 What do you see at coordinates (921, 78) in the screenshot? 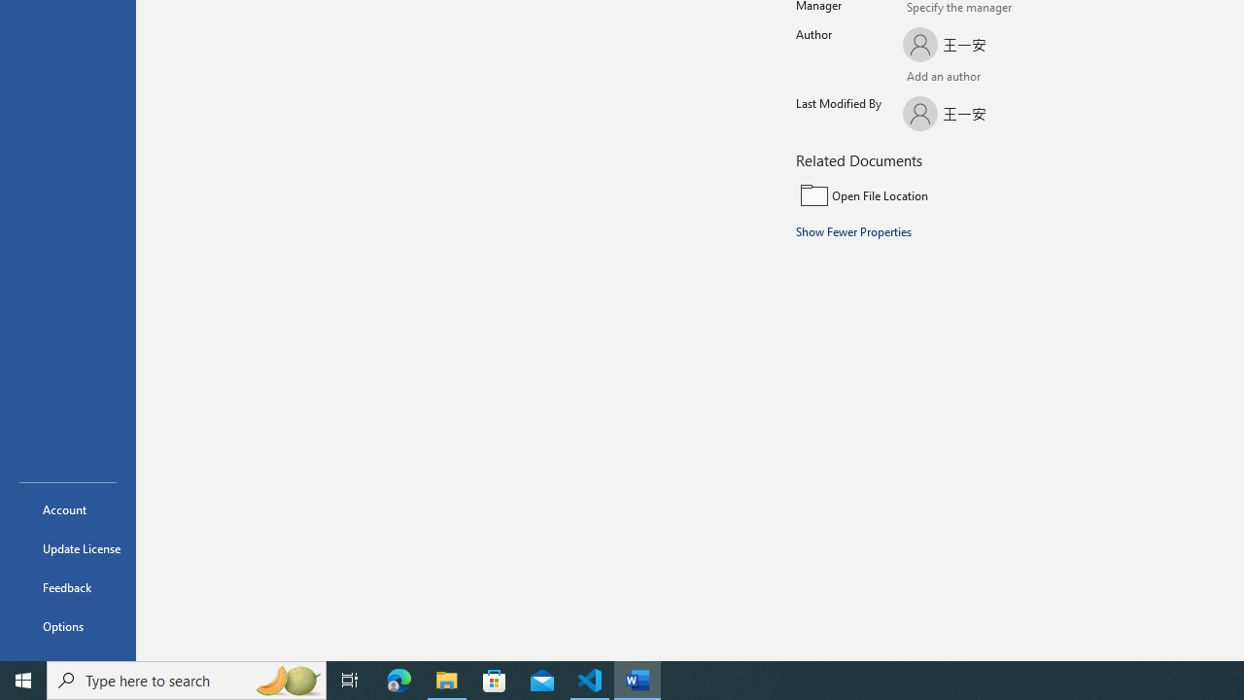
I see `'Add an author'` at bounding box center [921, 78].